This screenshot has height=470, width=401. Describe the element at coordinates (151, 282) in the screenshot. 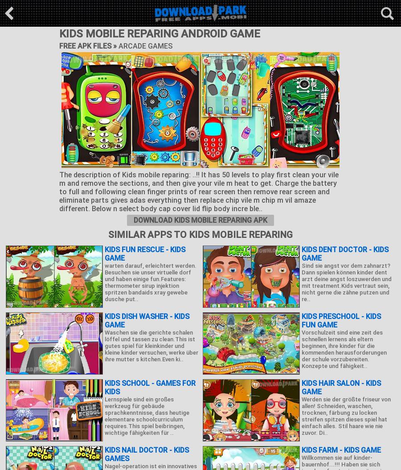

I see `'warten darauf, erleichtert werden. Besuchen sie unser virtuelle dorf und haben einige fun.Features: thermometer sirup injektion spritzen bandaids xray gewebe dusche put..'` at that location.